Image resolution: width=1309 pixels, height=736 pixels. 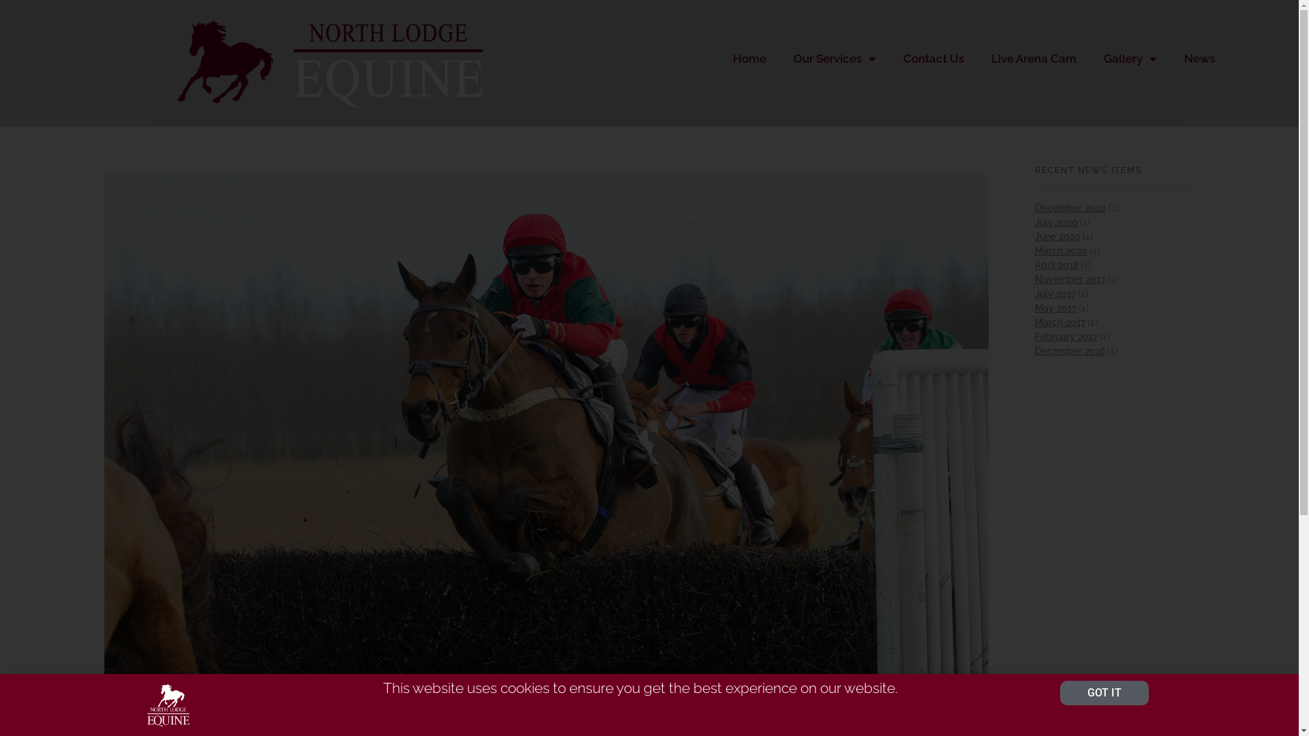 What do you see at coordinates (1069, 350) in the screenshot?
I see `'December 2016'` at bounding box center [1069, 350].